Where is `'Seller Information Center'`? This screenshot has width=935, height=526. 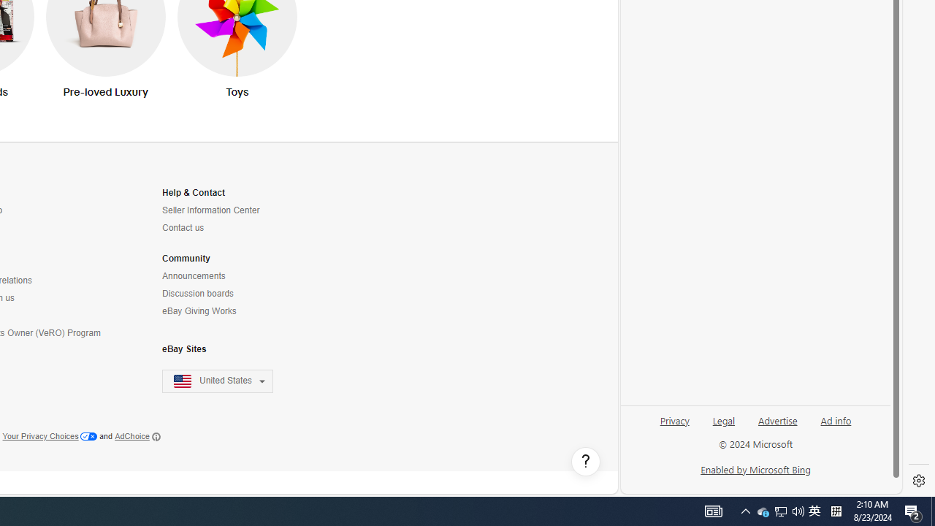
'Seller Information Center' is located at coordinates (226, 210).